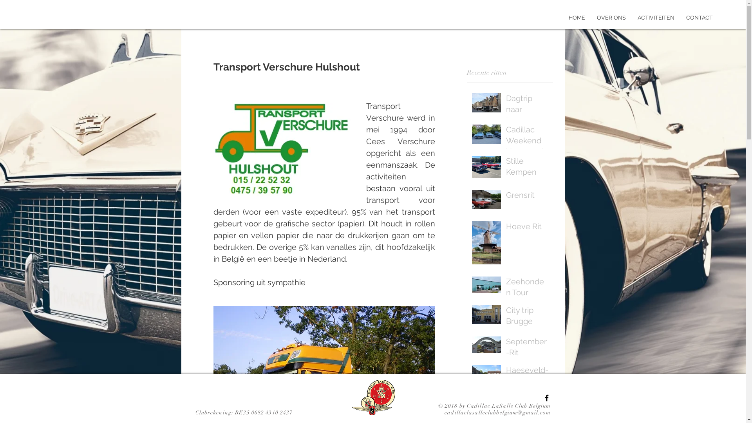 This screenshot has height=423, width=752. Describe the element at coordinates (527, 348) in the screenshot. I see `'September-Rit'` at that location.